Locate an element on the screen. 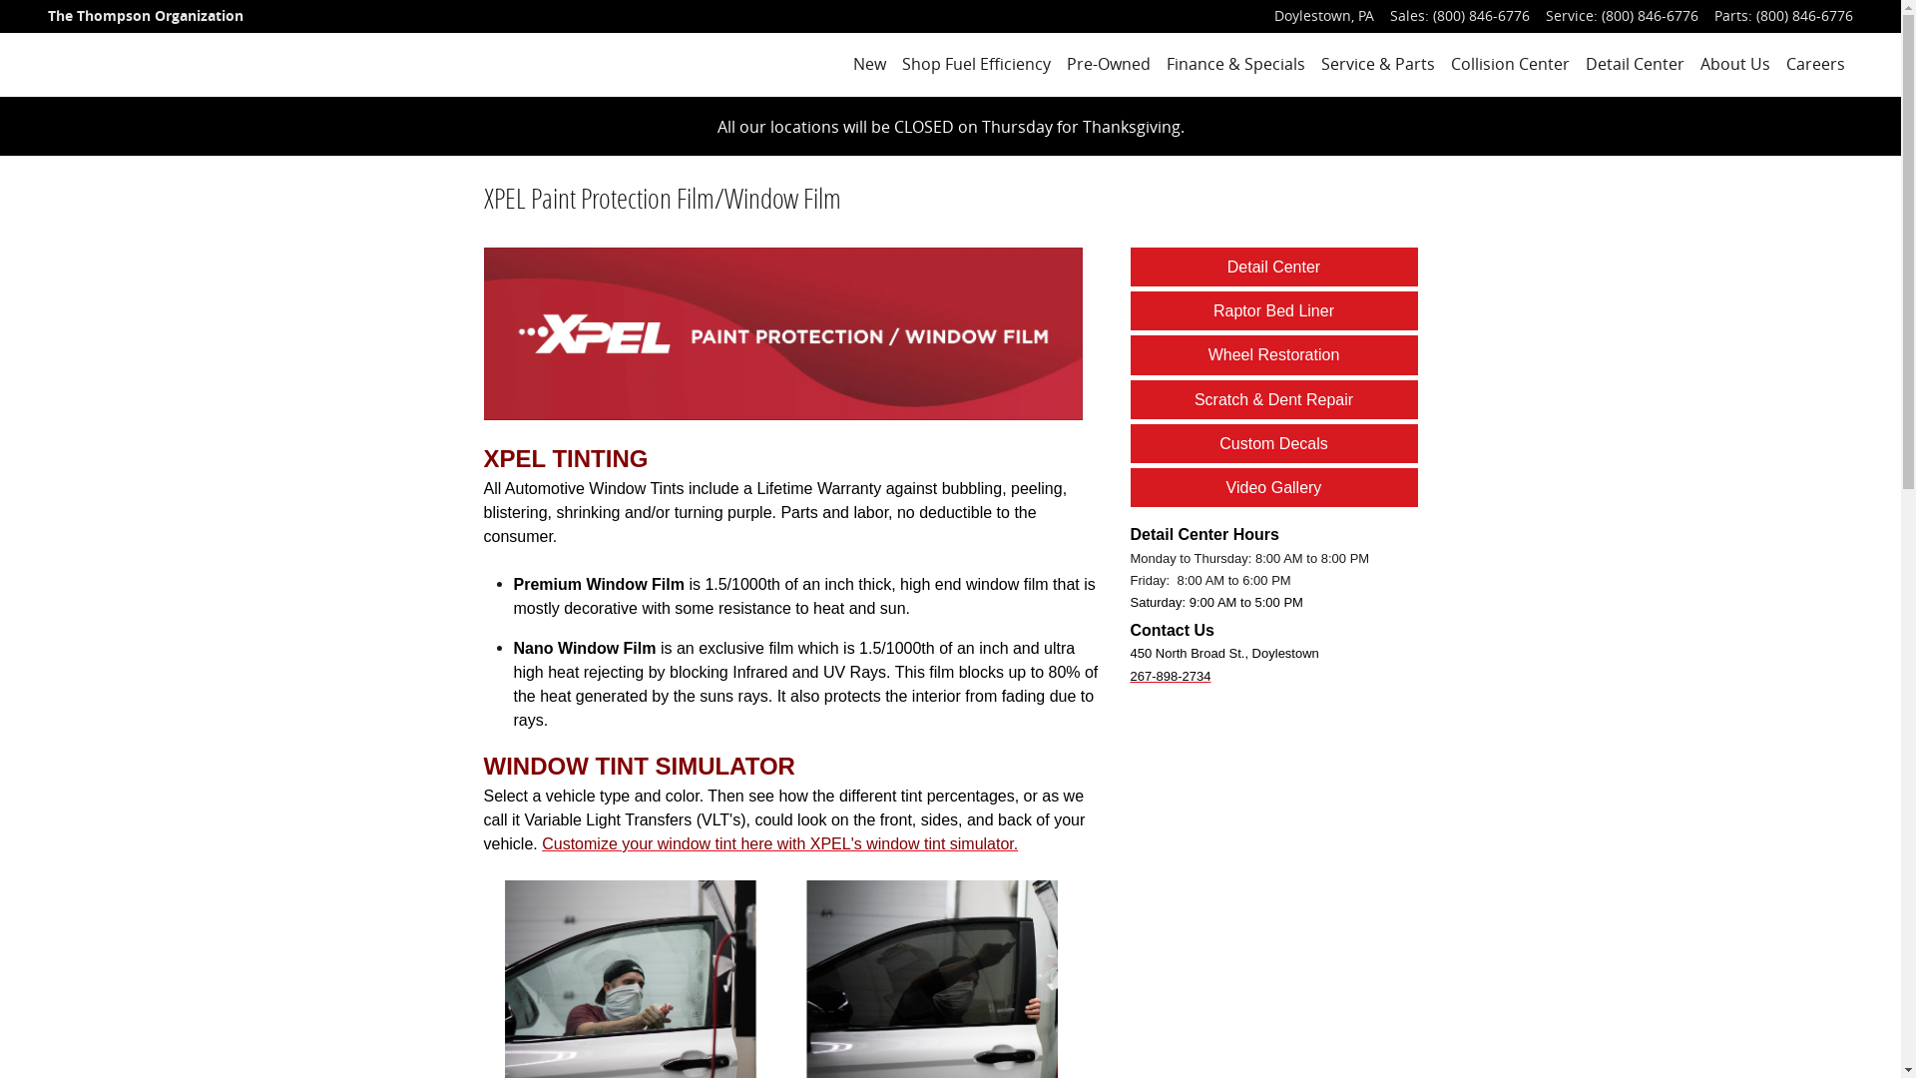 The height and width of the screenshot is (1078, 1916). 'Raptor Bed Liner' is located at coordinates (1272, 310).